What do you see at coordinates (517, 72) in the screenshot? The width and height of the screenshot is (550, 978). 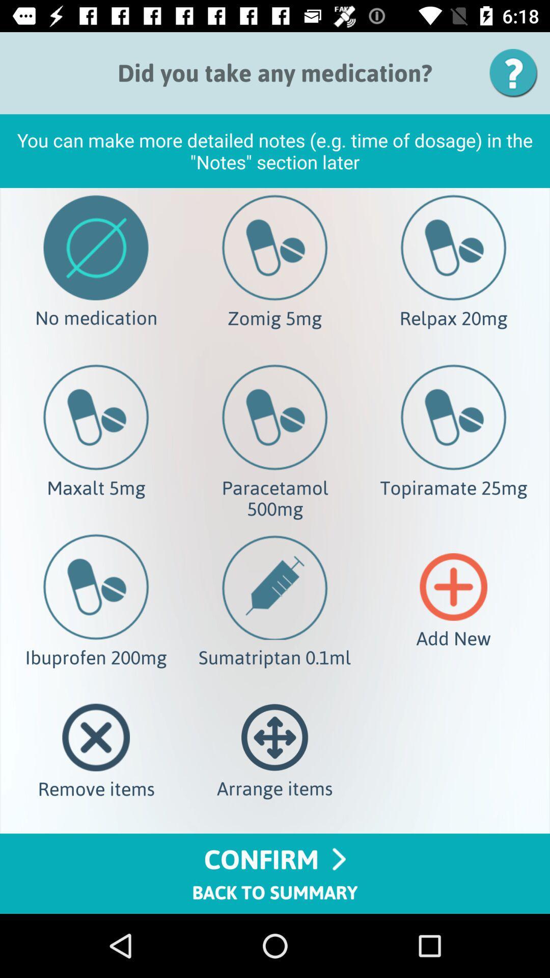 I see `icon next to did you take item` at bounding box center [517, 72].